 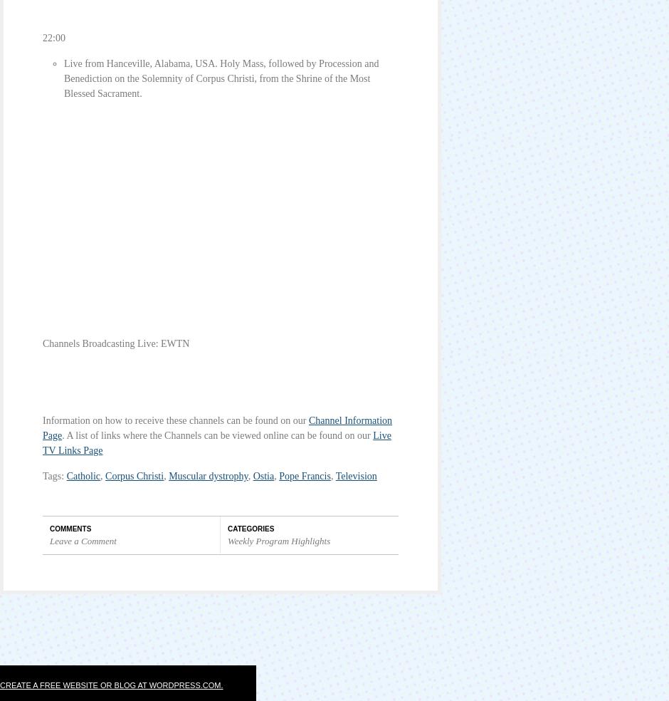 What do you see at coordinates (110, 684) in the screenshot?
I see `'Create a free website or blog at WordPress.com.'` at bounding box center [110, 684].